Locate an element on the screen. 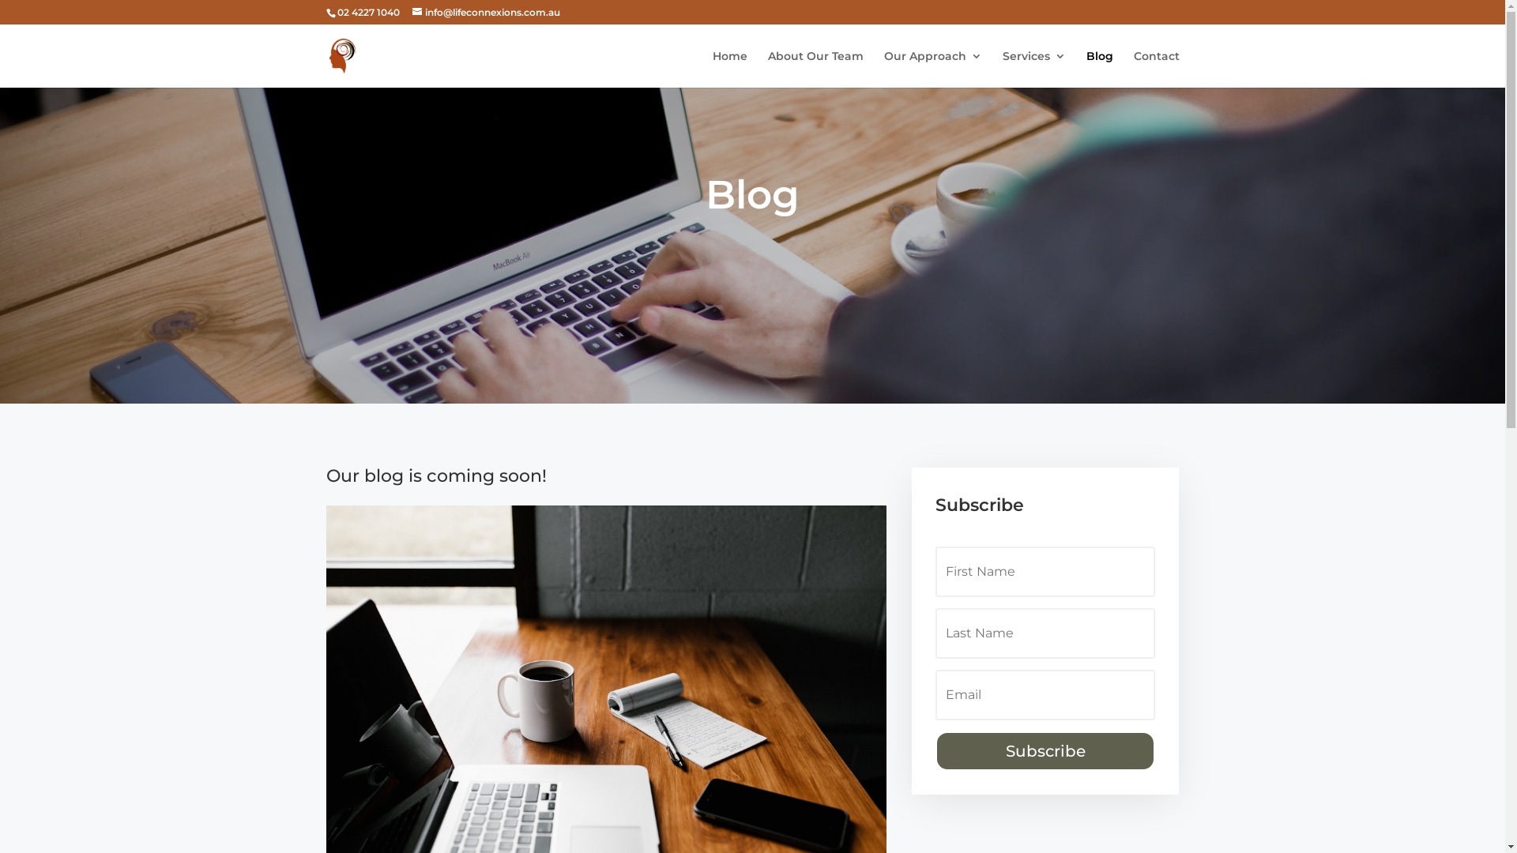 The image size is (1517, 853). 'Subscribe' is located at coordinates (1045, 750).